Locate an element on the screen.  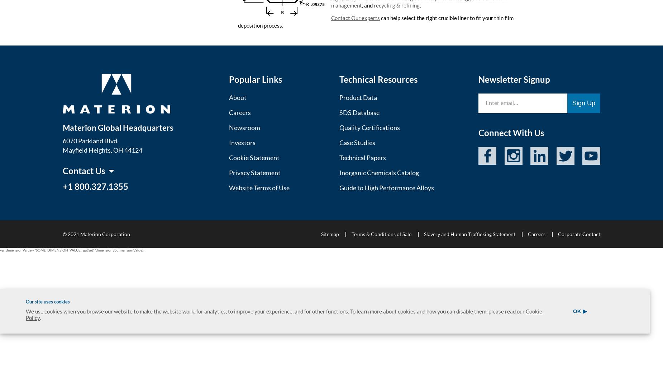
'Guide to High Performance Alloys' is located at coordinates (386, 187).